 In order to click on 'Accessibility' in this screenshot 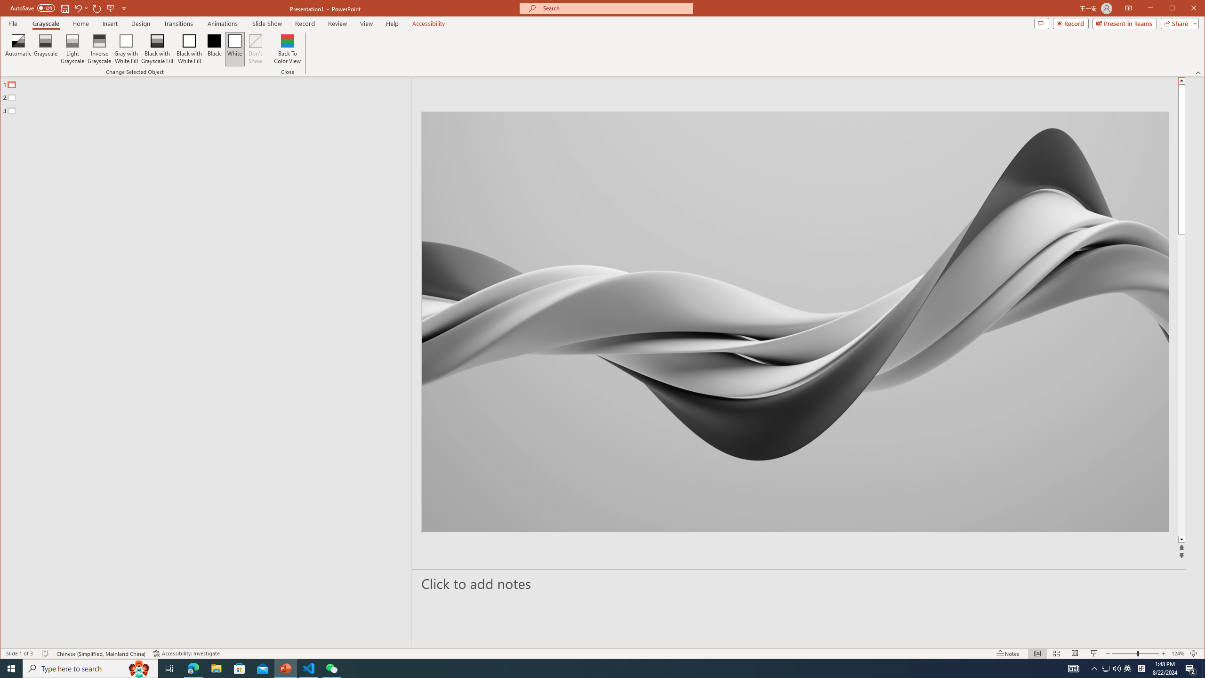, I will do `click(428, 23)`.